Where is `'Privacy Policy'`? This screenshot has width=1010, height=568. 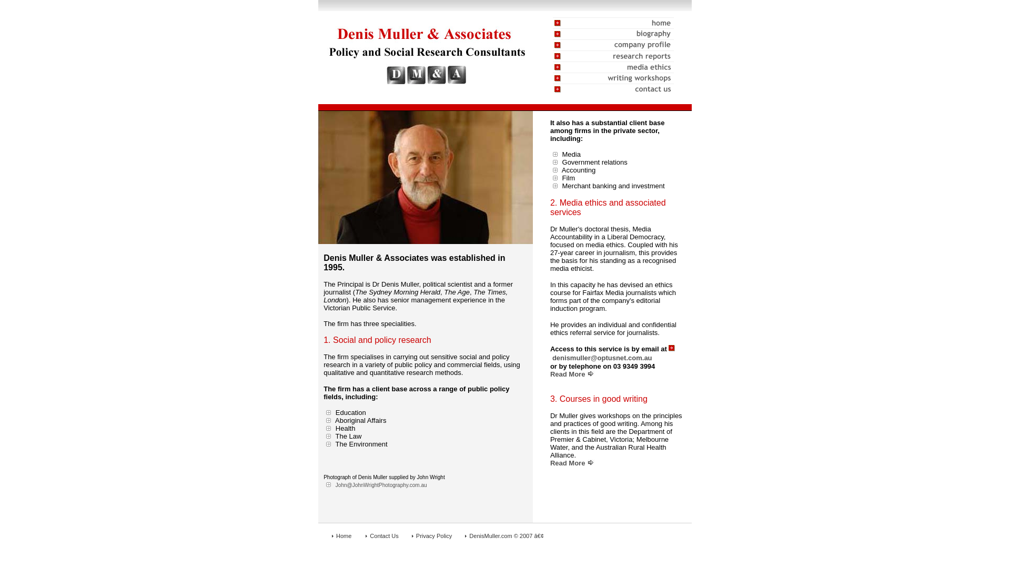
'Privacy Policy' is located at coordinates (434, 535).